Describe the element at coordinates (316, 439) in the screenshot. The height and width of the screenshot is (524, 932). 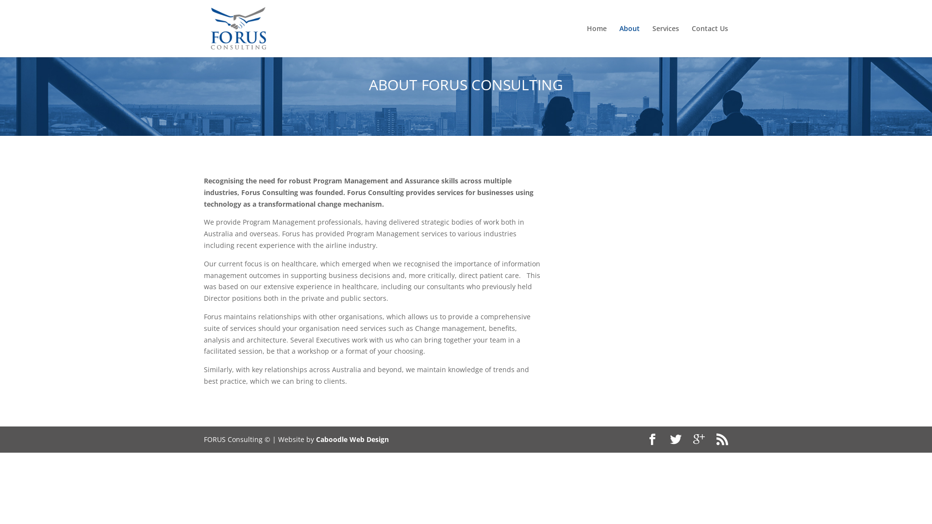
I see `'Caboodle Web Design'` at that location.